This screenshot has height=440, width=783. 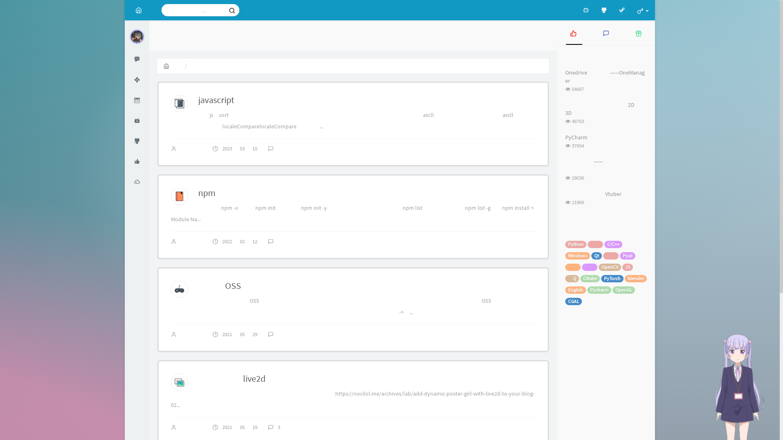 What do you see at coordinates (610, 267) in the screenshot?
I see `'OpenCV'` at bounding box center [610, 267].